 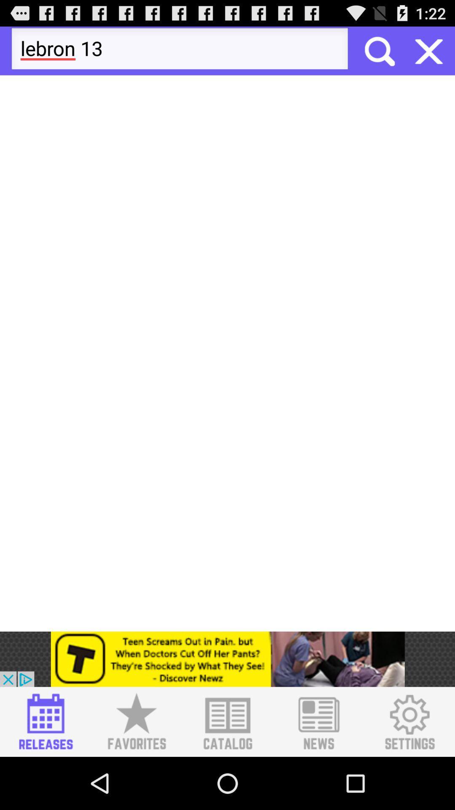 I want to click on catalog list, so click(x=227, y=721).